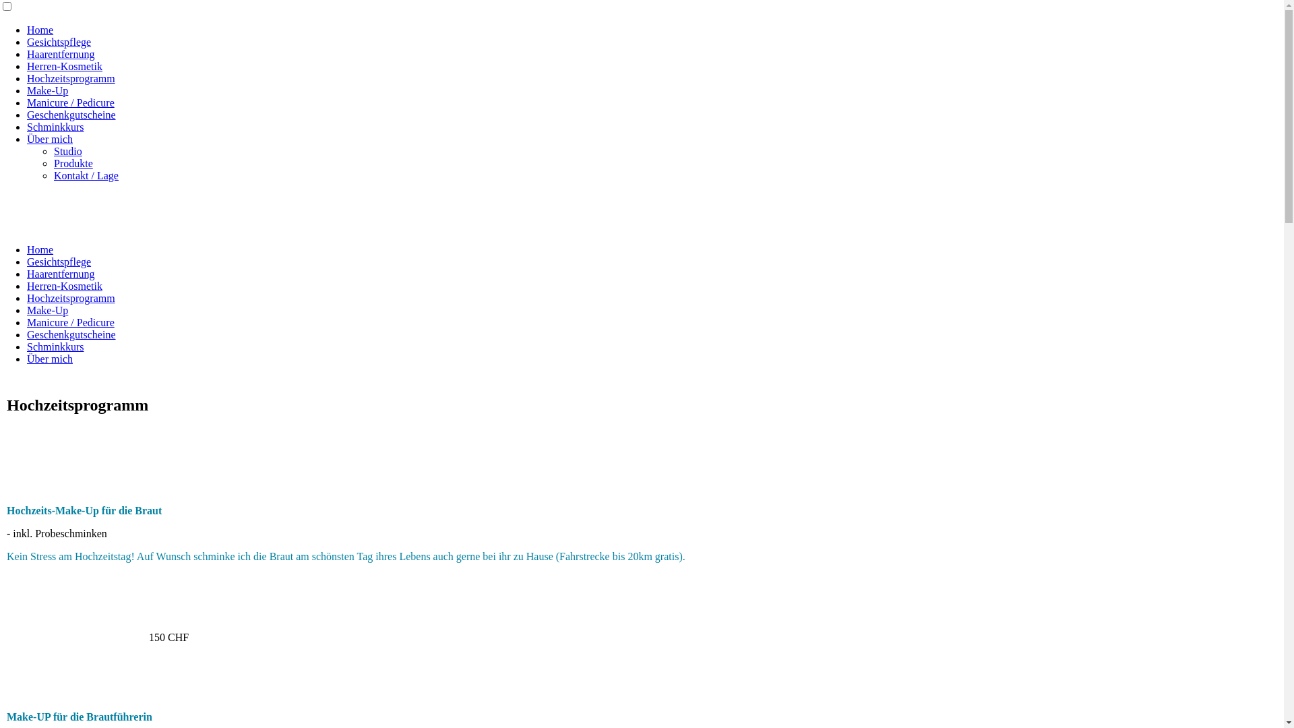 The image size is (1294, 728). What do you see at coordinates (26, 273) in the screenshot?
I see `'Haarentfernung'` at bounding box center [26, 273].